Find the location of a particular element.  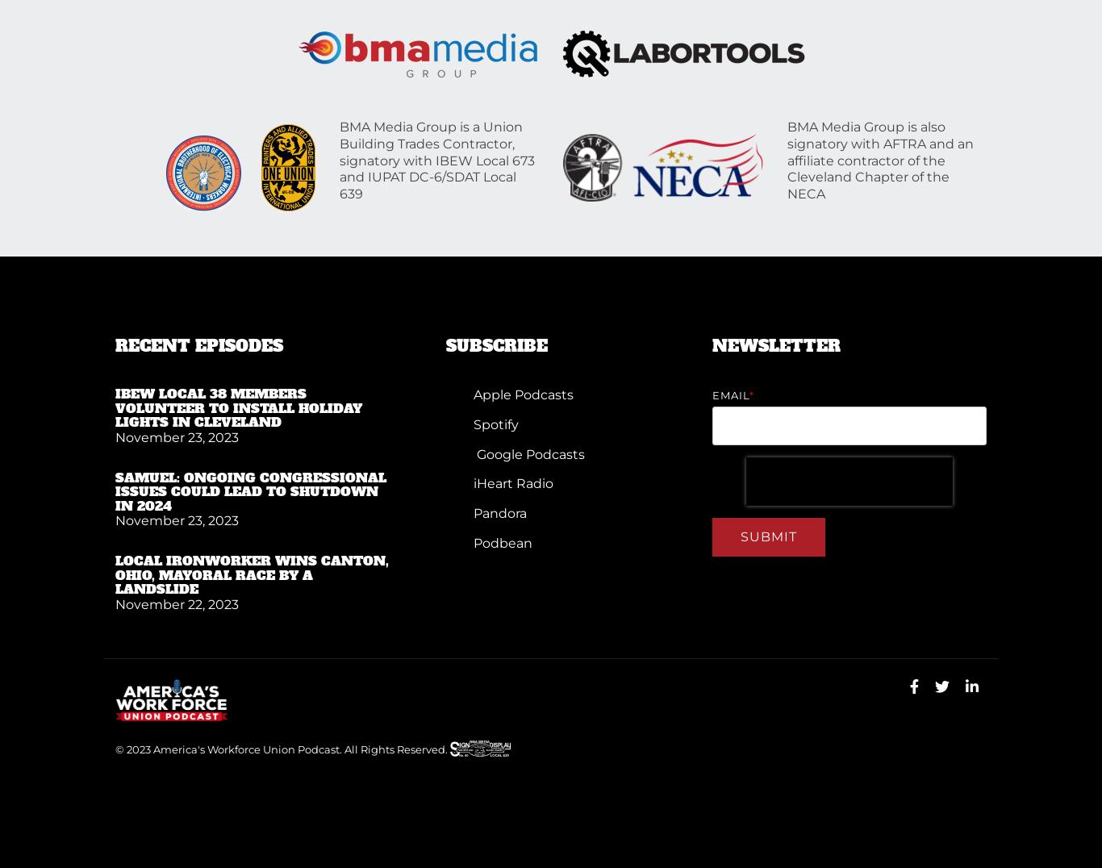

'© 2023 America's Workforce Union Podcast. All Rights Reserved.' is located at coordinates (115, 748).